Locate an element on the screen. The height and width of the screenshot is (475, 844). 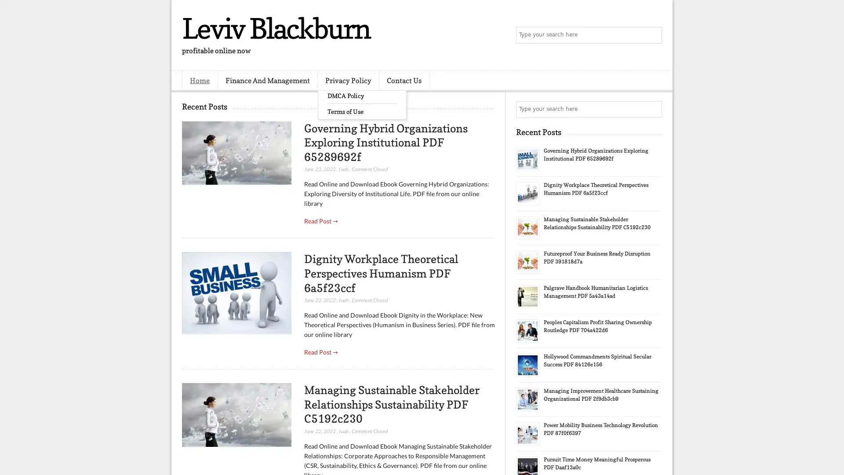
Search is located at coordinates (653, 109).